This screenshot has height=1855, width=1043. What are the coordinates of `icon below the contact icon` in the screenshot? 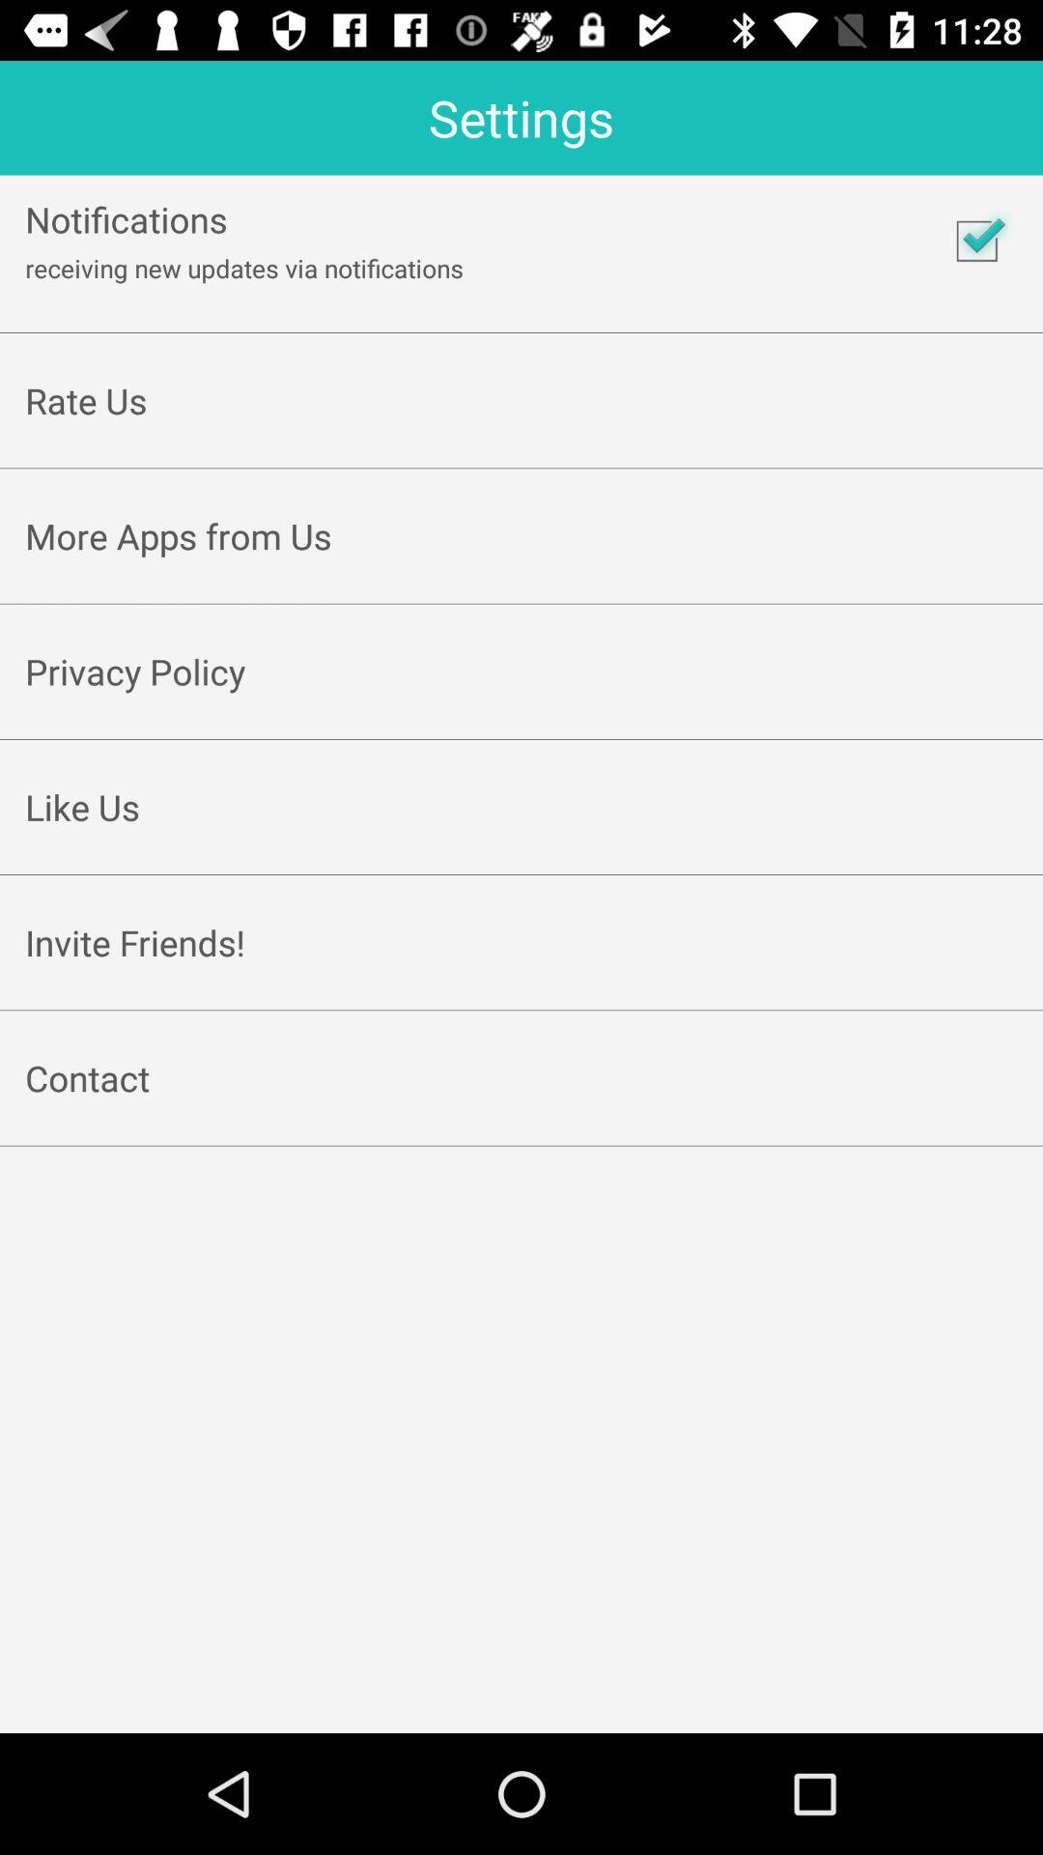 It's located at (521, 1124).